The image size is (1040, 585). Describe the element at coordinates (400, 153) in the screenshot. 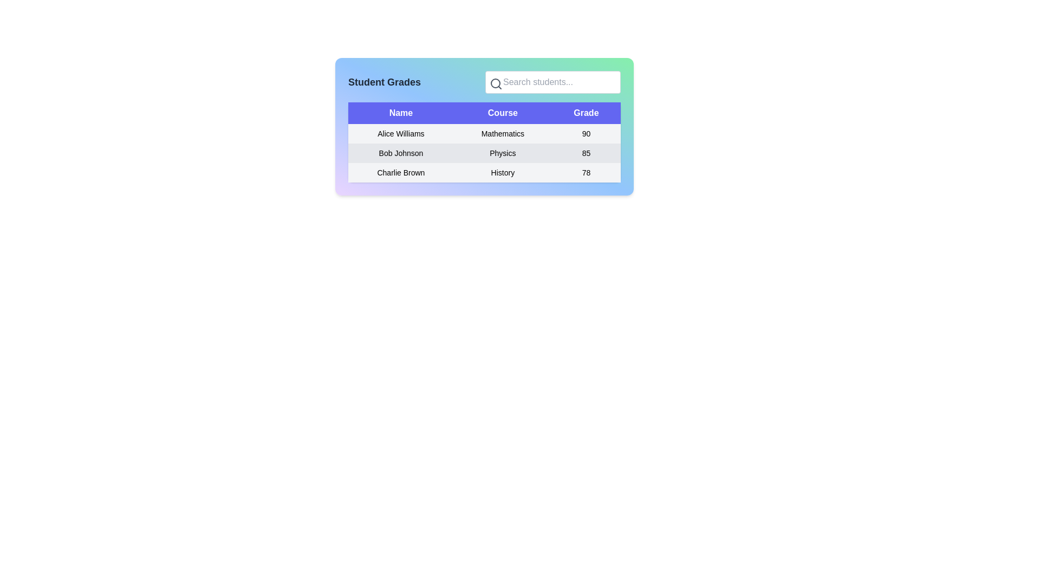

I see `the text label displaying 'Bob Johnson' in the 'Name' column of the student grade table, which is located in the second row, directly to the left of the 'Physics' cell` at that location.